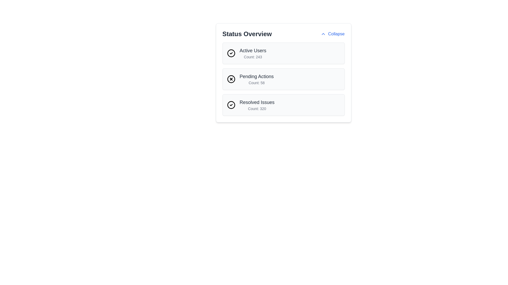 The image size is (508, 285). What do you see at coordinates (283, 105) in the screenshot?
I see `the Information box that displays a summary of resolved issues, showing a total count of 320, located in the 'Status Overview' section` at bounding box center [283, 105].